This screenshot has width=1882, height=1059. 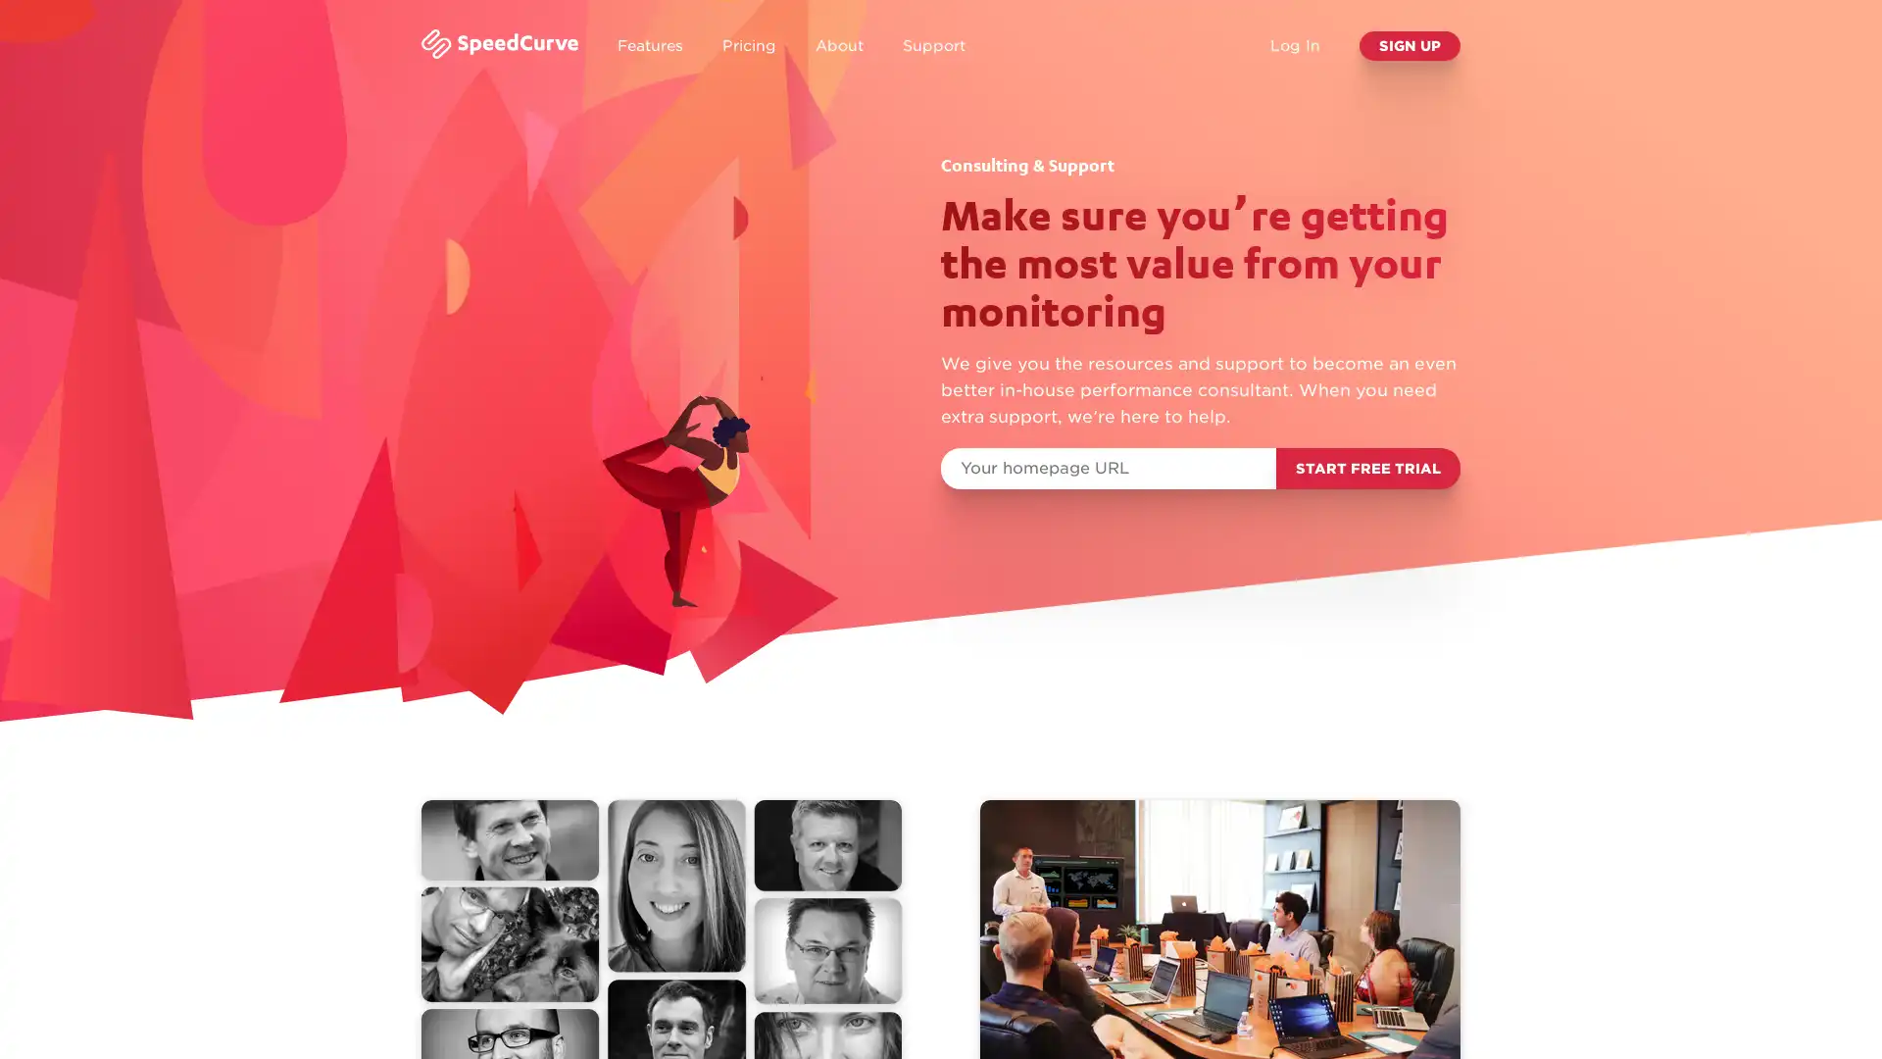 What do you see at coordinates (1367, 468) in the screenshot?
I see `Start free trial` at bounding box center [1367, 468].